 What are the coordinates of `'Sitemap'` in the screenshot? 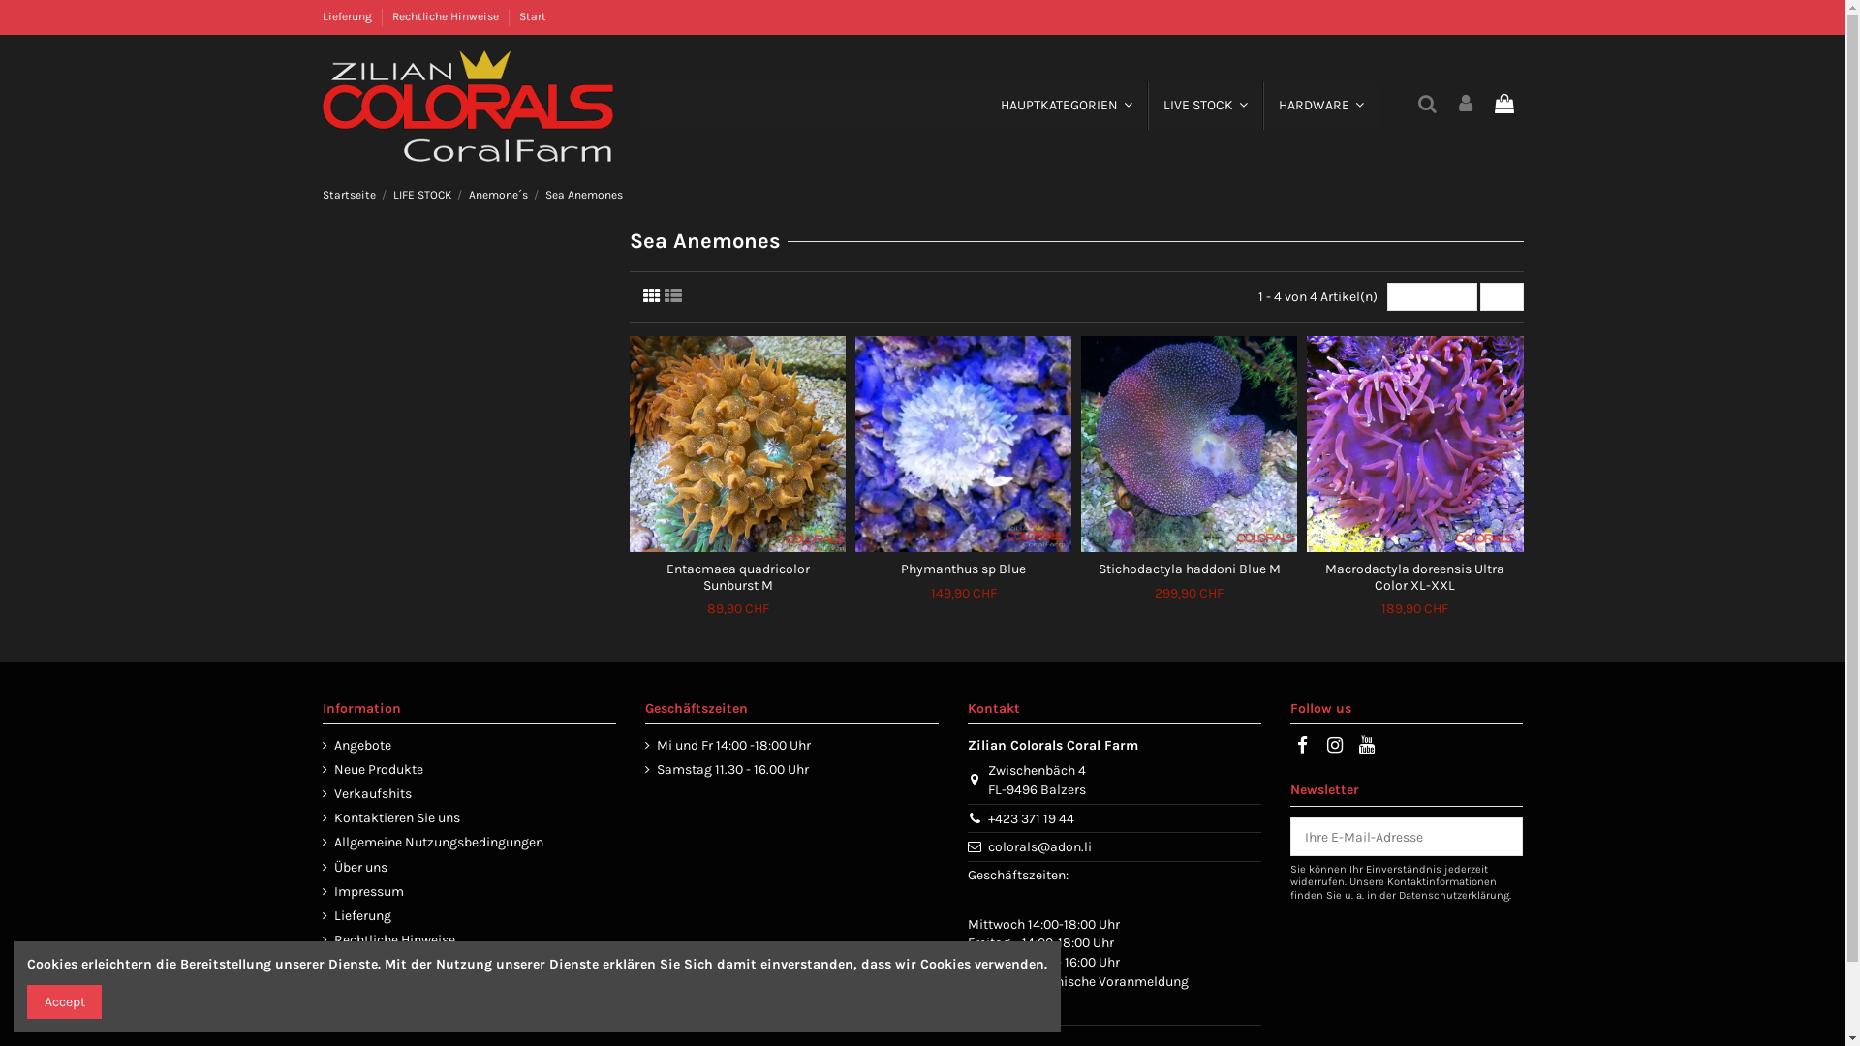 It's located at (353, 964).